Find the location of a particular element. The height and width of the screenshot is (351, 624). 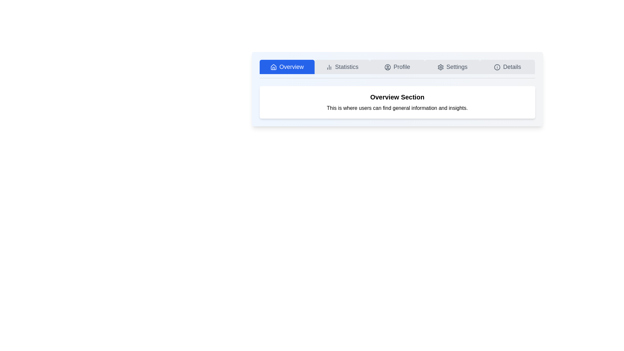

the Informational Text Section that provides an overview related to the selected 'Overview' tab option, positioned centrally below the navigation bar is located at coordinates (397, 102).